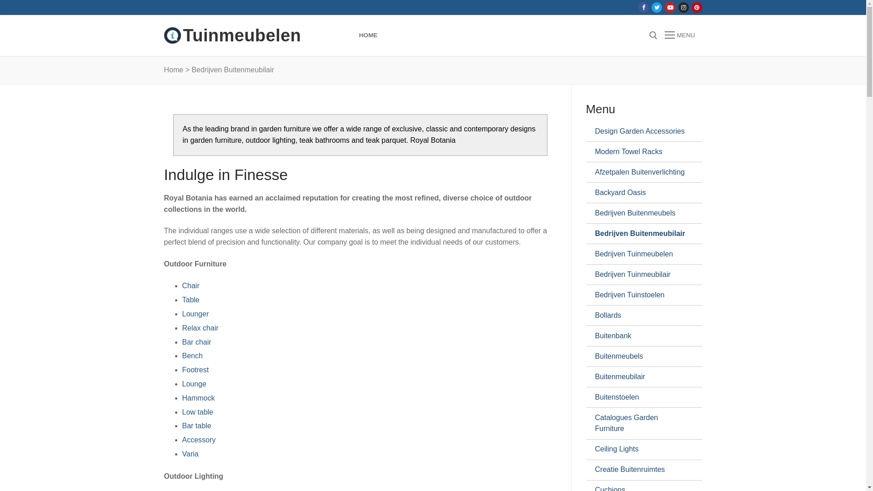  I want to click on 'Lounge', so click(193, 384).